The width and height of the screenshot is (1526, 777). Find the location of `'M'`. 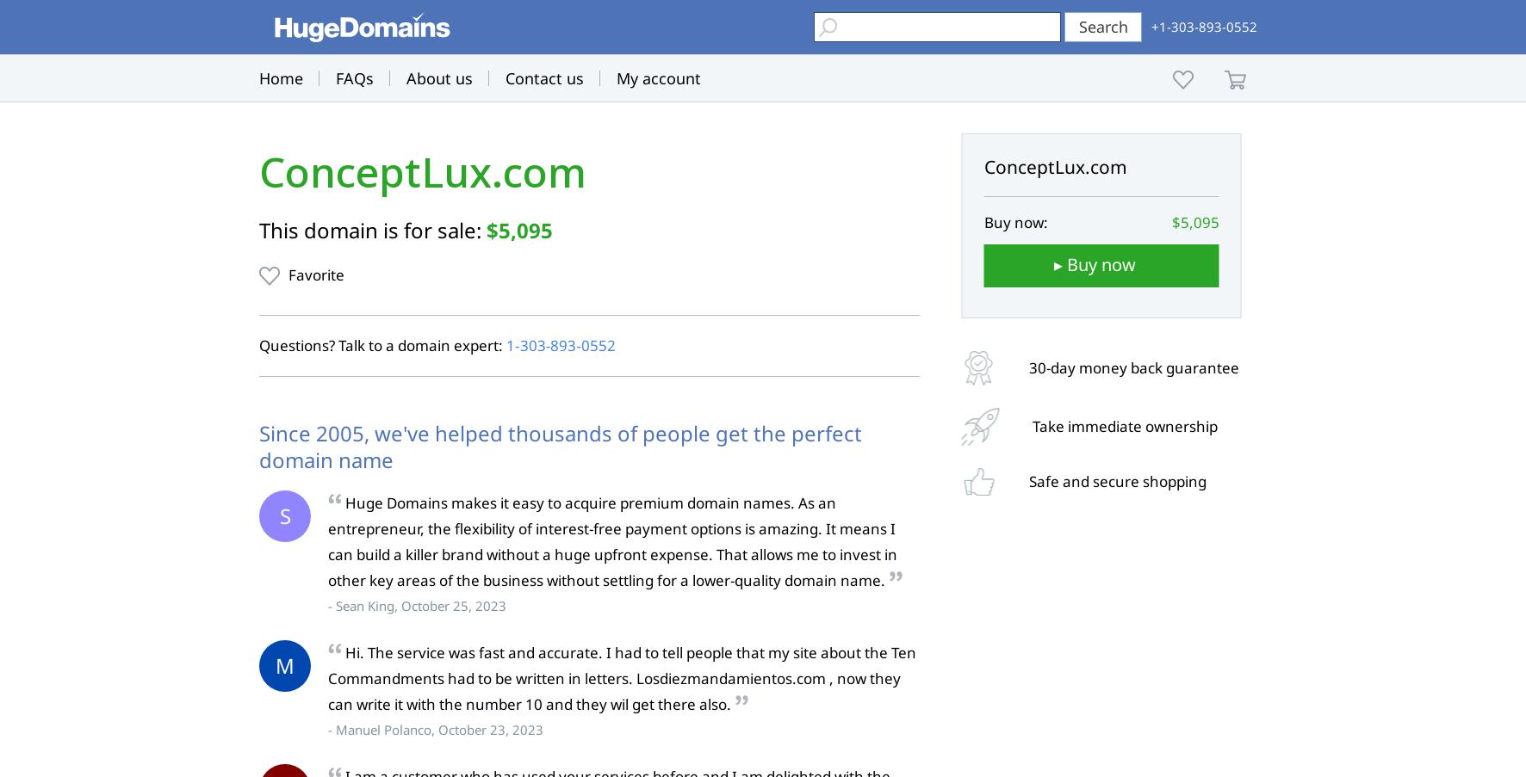

'M' is located at coordinates (284, 665).